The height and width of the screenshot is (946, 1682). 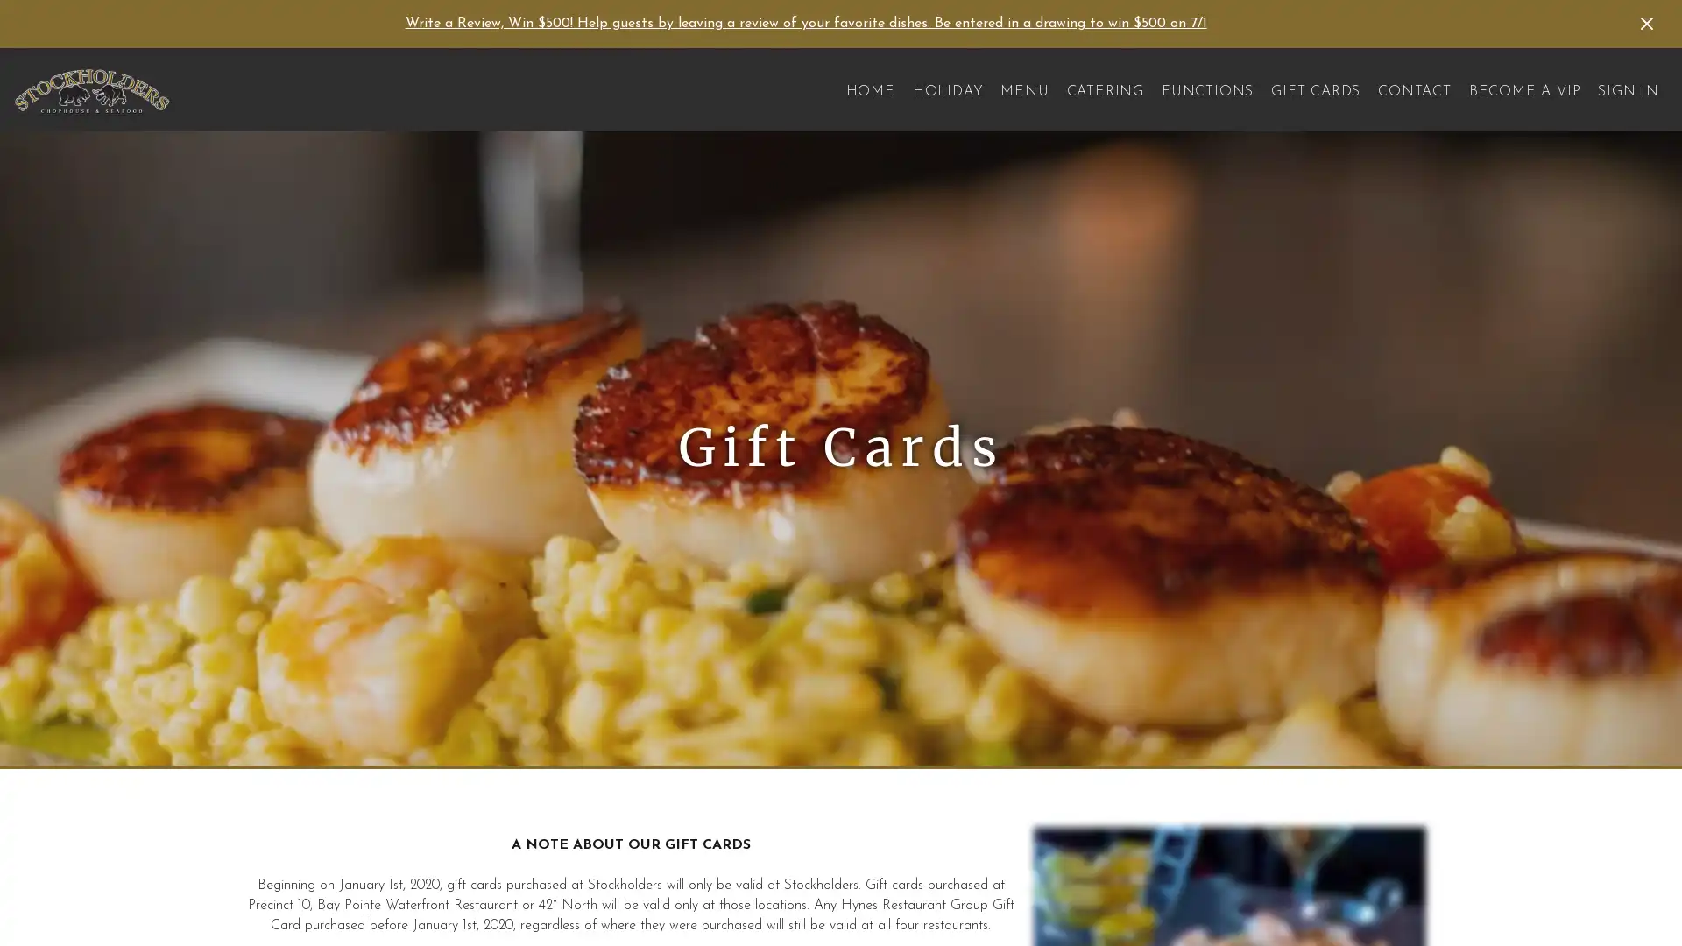 What do you see at coordinates (1523, 91) in the screenshot?
I see `BECOME A VIP` at bounding box center [1523, 91].